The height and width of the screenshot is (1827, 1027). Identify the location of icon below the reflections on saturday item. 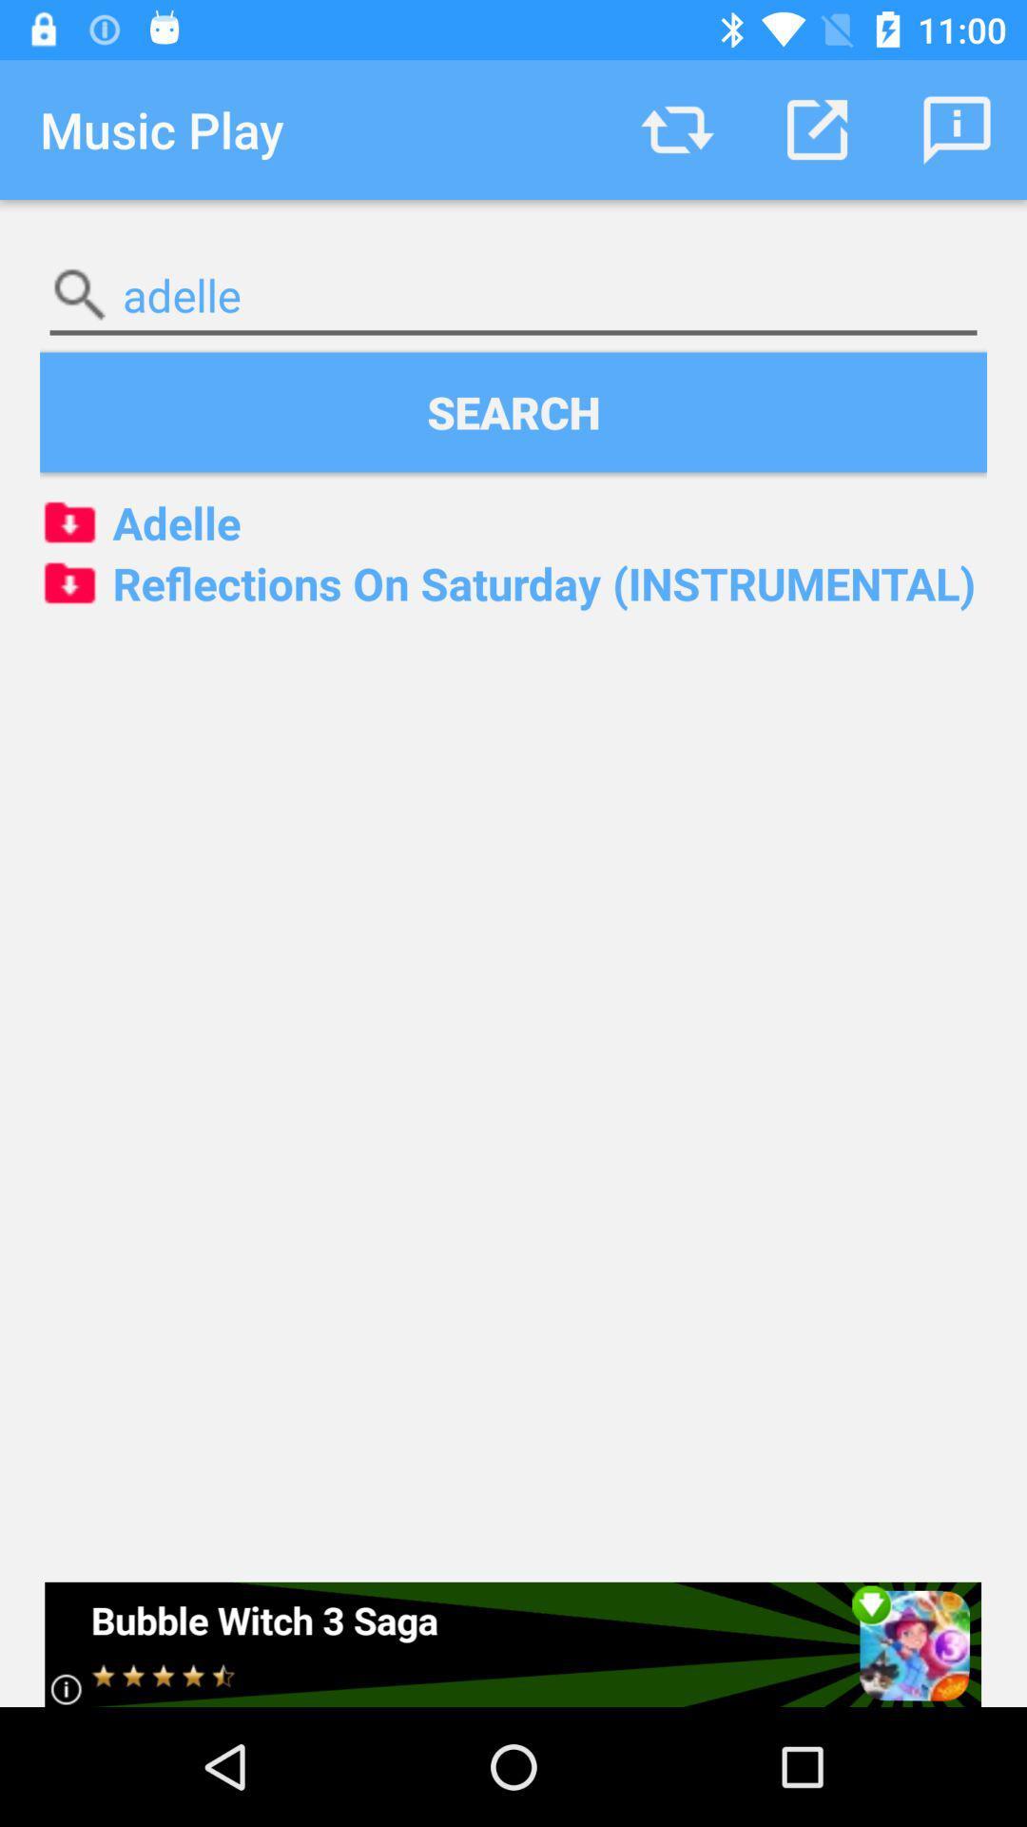
(512, 1643).